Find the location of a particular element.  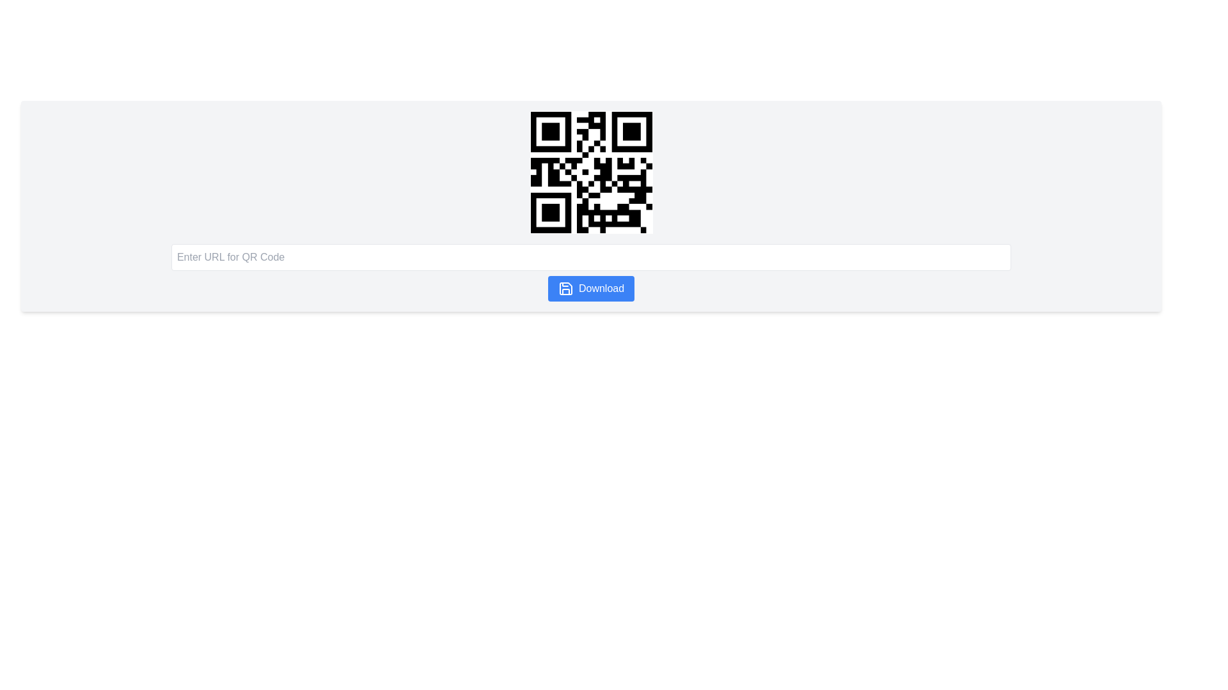

the SVG icon that signifies the save or download function, located to the left of the 'Download' label, to initiate a download action is located at coordinates (565, 288).